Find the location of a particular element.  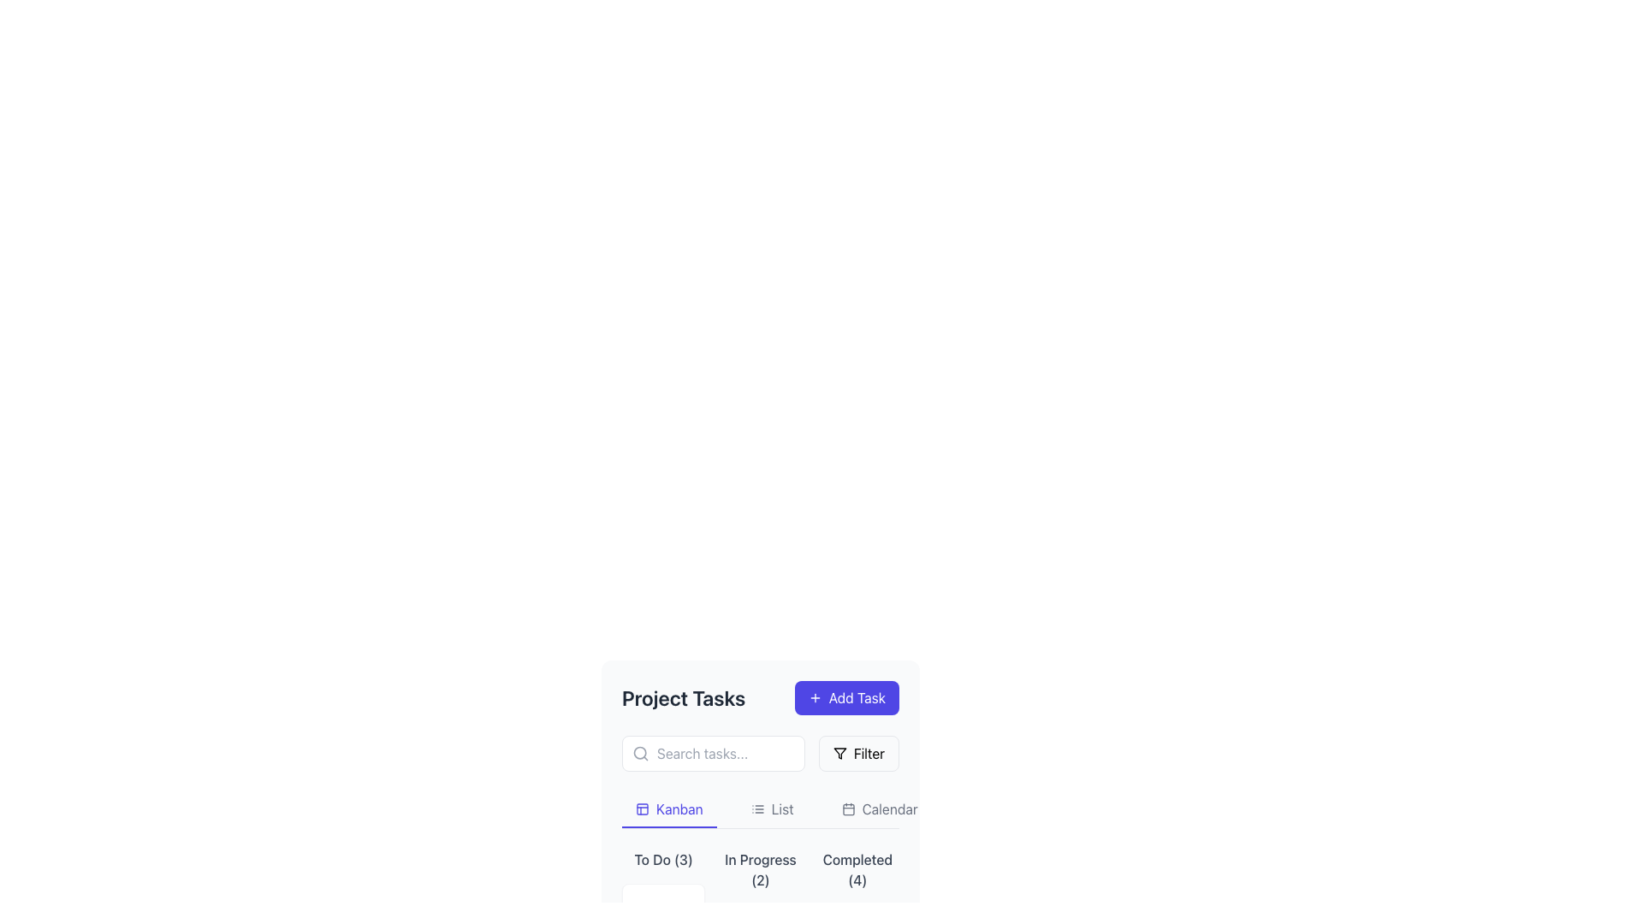

the 'Calendar' icon located within the navigation tab is located at coordinates (848, 808).